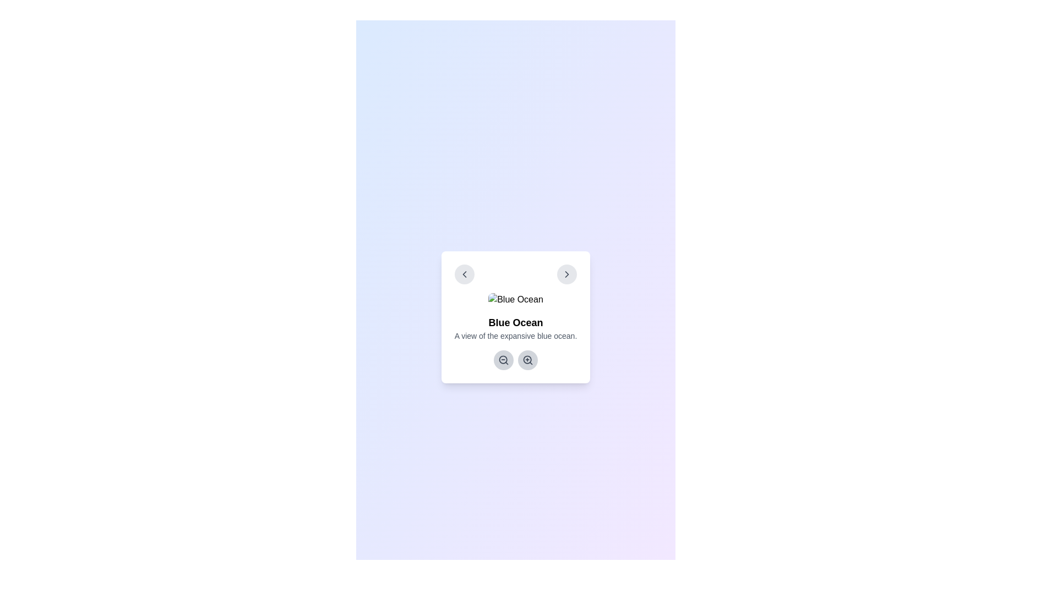 The height and width of the screenshot is (594, 1057). I want to click on the decorative circle element that forms the lens of the magnifying glass icon, which visually signifies the zoom-in action, so click(527, 360).